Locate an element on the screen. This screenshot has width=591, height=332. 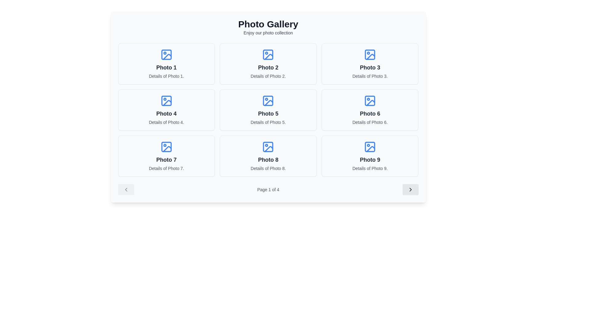
the icon that visually signifies the content type (image) associated with the 'Photo 2' card, located in the center of the card's upper section, above the text is located at coordinates (268, 54).